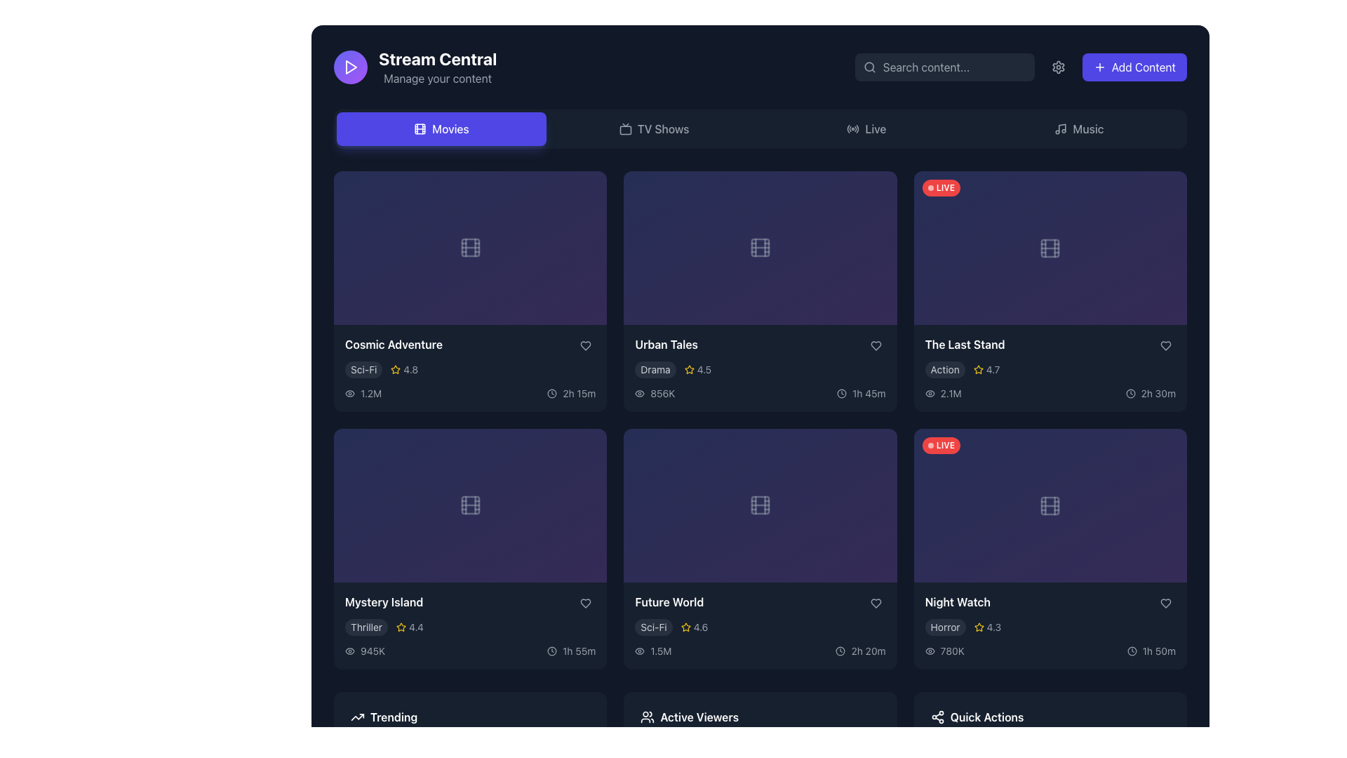 The height and width of the screenshot is (758, 1347). I want to click on the static text label that serves as the title for the media content, so click(669, 601).